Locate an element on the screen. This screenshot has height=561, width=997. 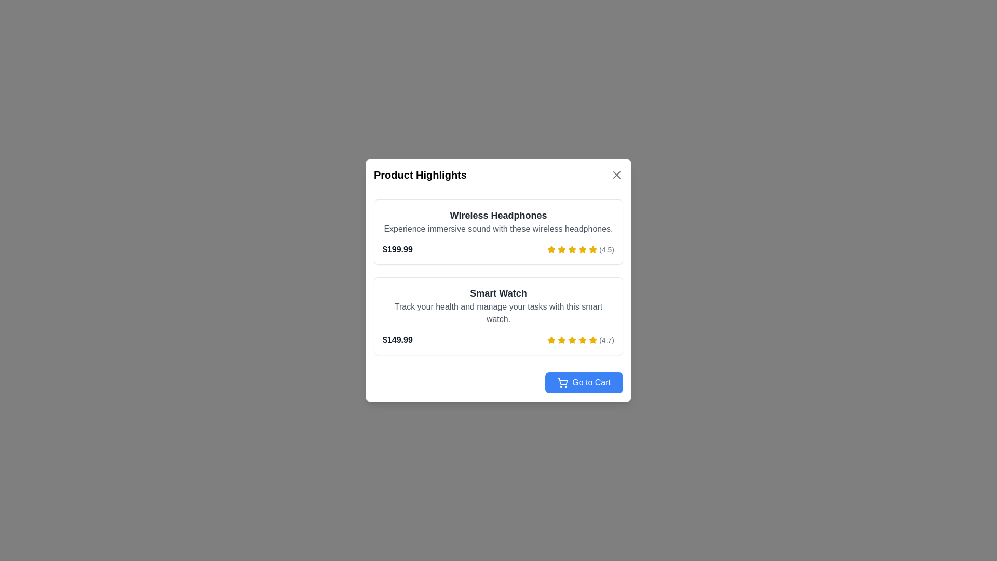
the yellow star icon, which is the fifth in a sequence of six star icons, as a rating indicator for 'Smart Watch' is located at coordinates (583, 340).